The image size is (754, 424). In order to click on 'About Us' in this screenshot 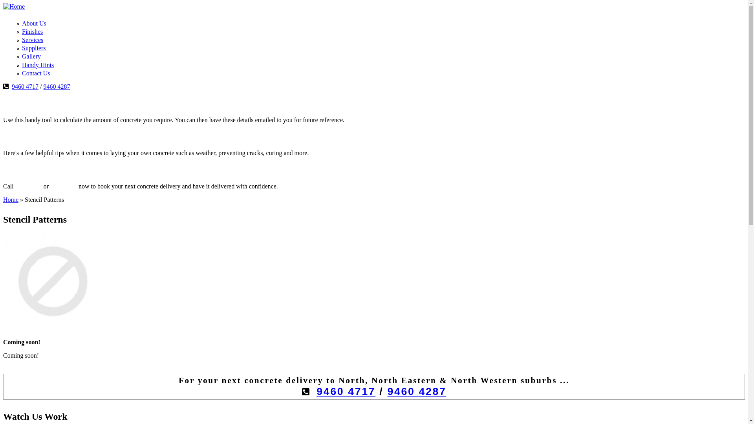, I will do `click(22, 23)`.